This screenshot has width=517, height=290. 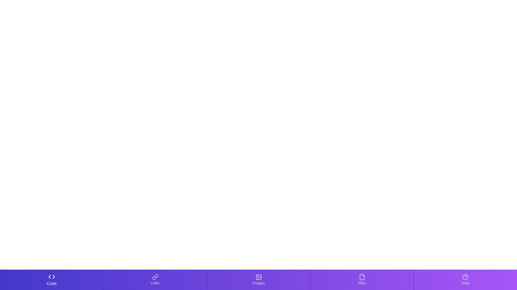 What do you see at coordinates (362, 279) in the screenshot?
I see `the Files tab to activate it` at bounding box center [362, 279].